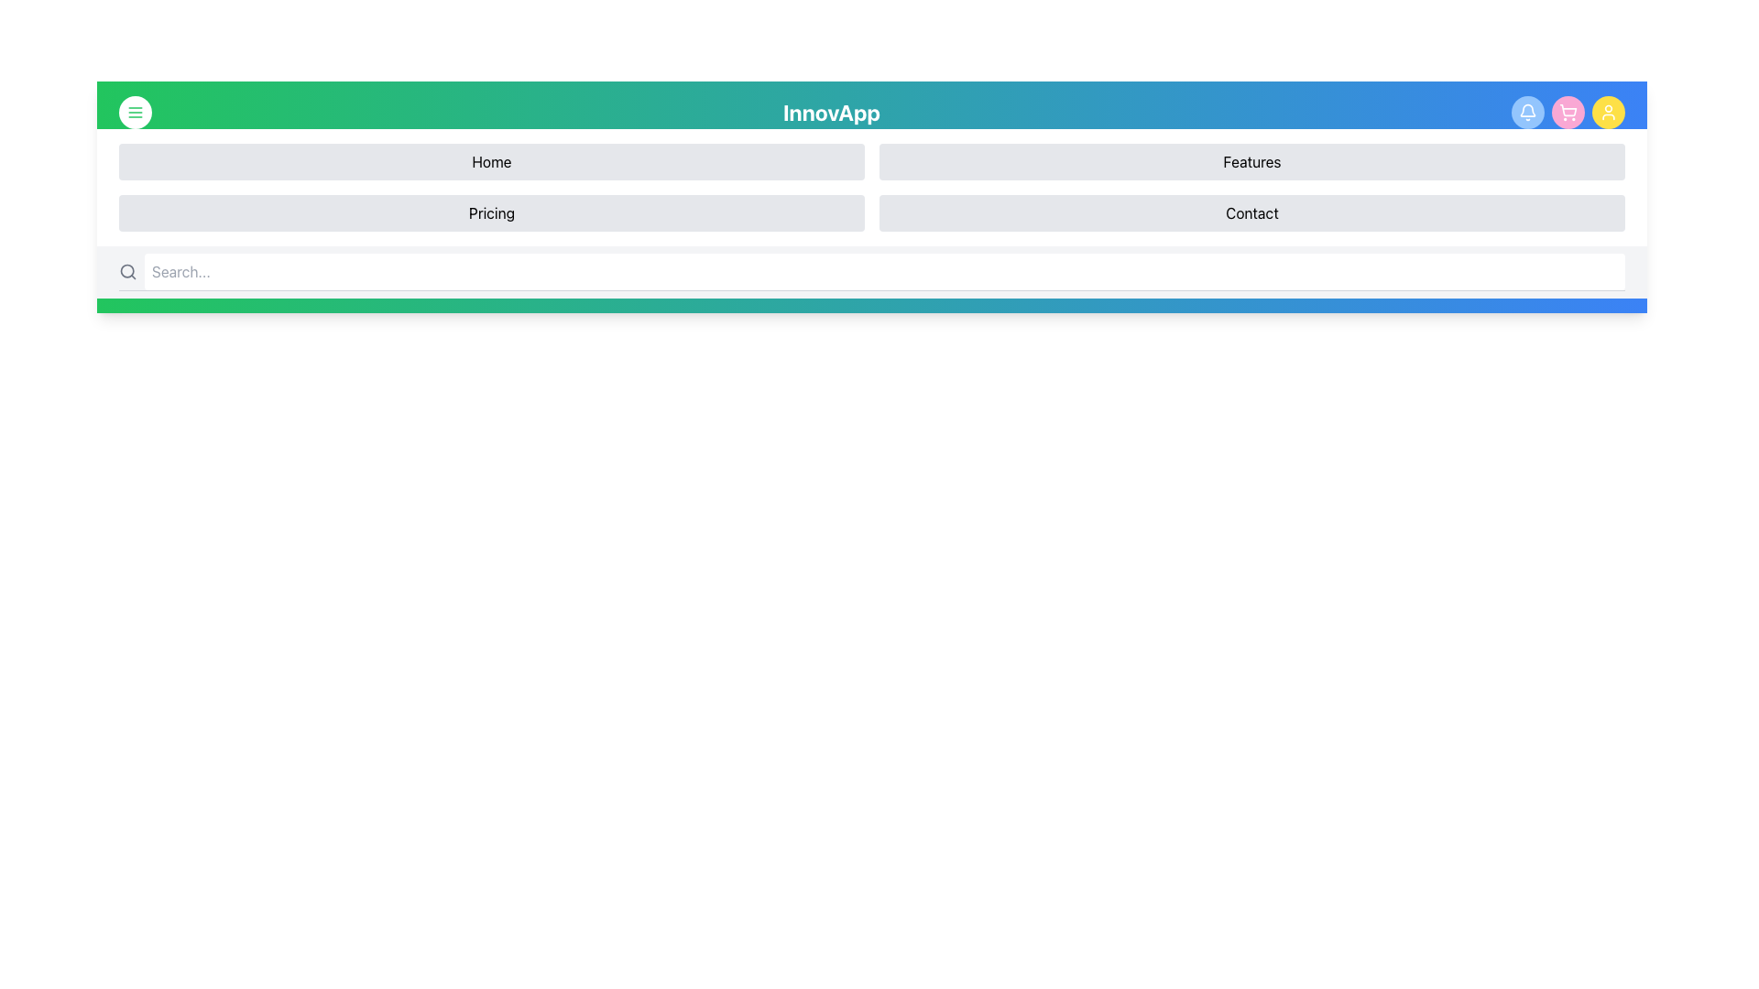  What do you see at coordinates (135, 113) in the screenshot?
I see `the menu button located on the upper-left corner of the header bar, to the left of the text 'InnovApp'` at bounding box center [135, 113].